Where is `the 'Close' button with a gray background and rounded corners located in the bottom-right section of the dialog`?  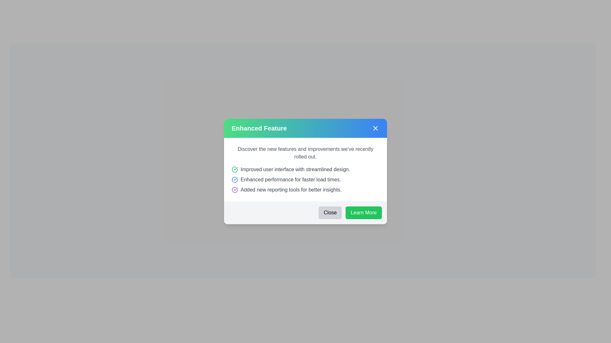 the 'Close' button with a gray background and rounded corners located in the bottom-right section of the dialog is located at coordinates (330, 213).